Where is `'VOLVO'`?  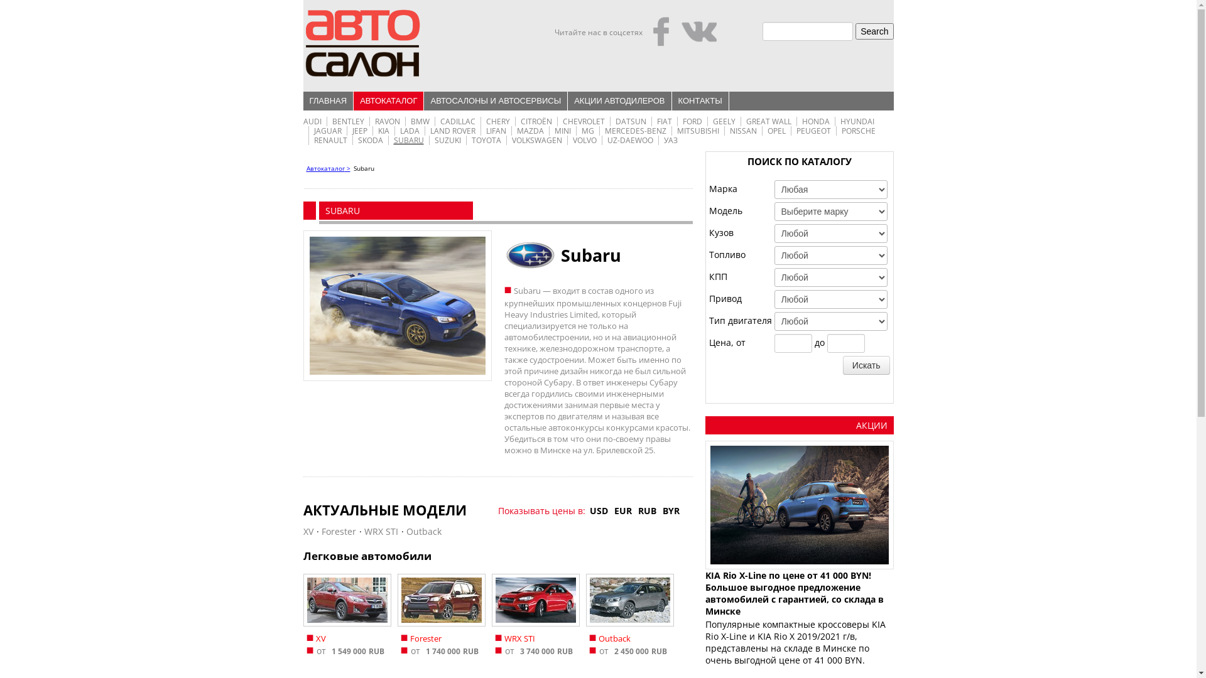
'VOLVO' is located at coordinates (584, 140).